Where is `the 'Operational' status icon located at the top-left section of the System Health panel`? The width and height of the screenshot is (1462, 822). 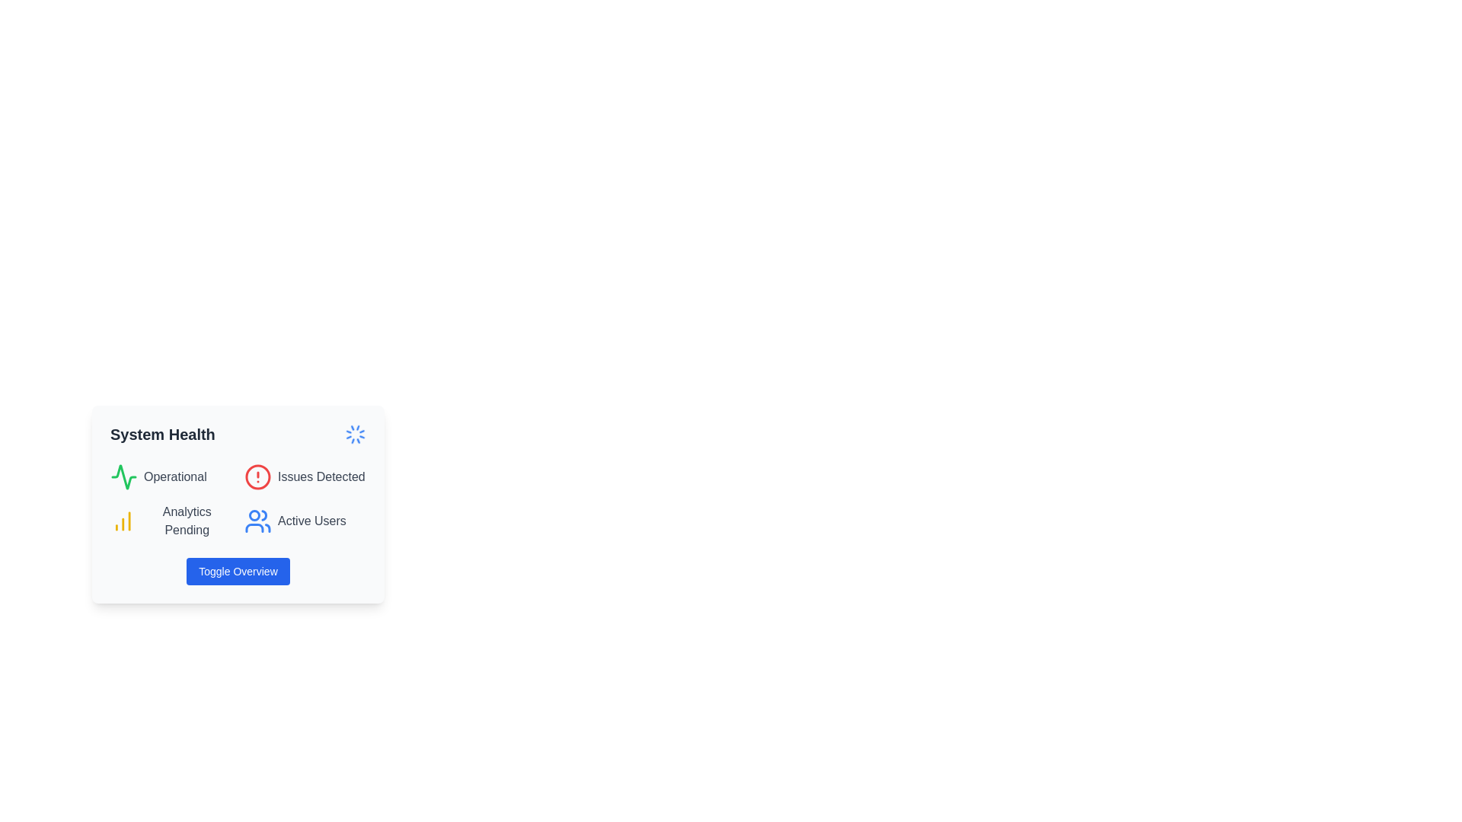 the 'Operational' status icon located at the top-left section of the System Health panel is located at coordinates (124, 476).